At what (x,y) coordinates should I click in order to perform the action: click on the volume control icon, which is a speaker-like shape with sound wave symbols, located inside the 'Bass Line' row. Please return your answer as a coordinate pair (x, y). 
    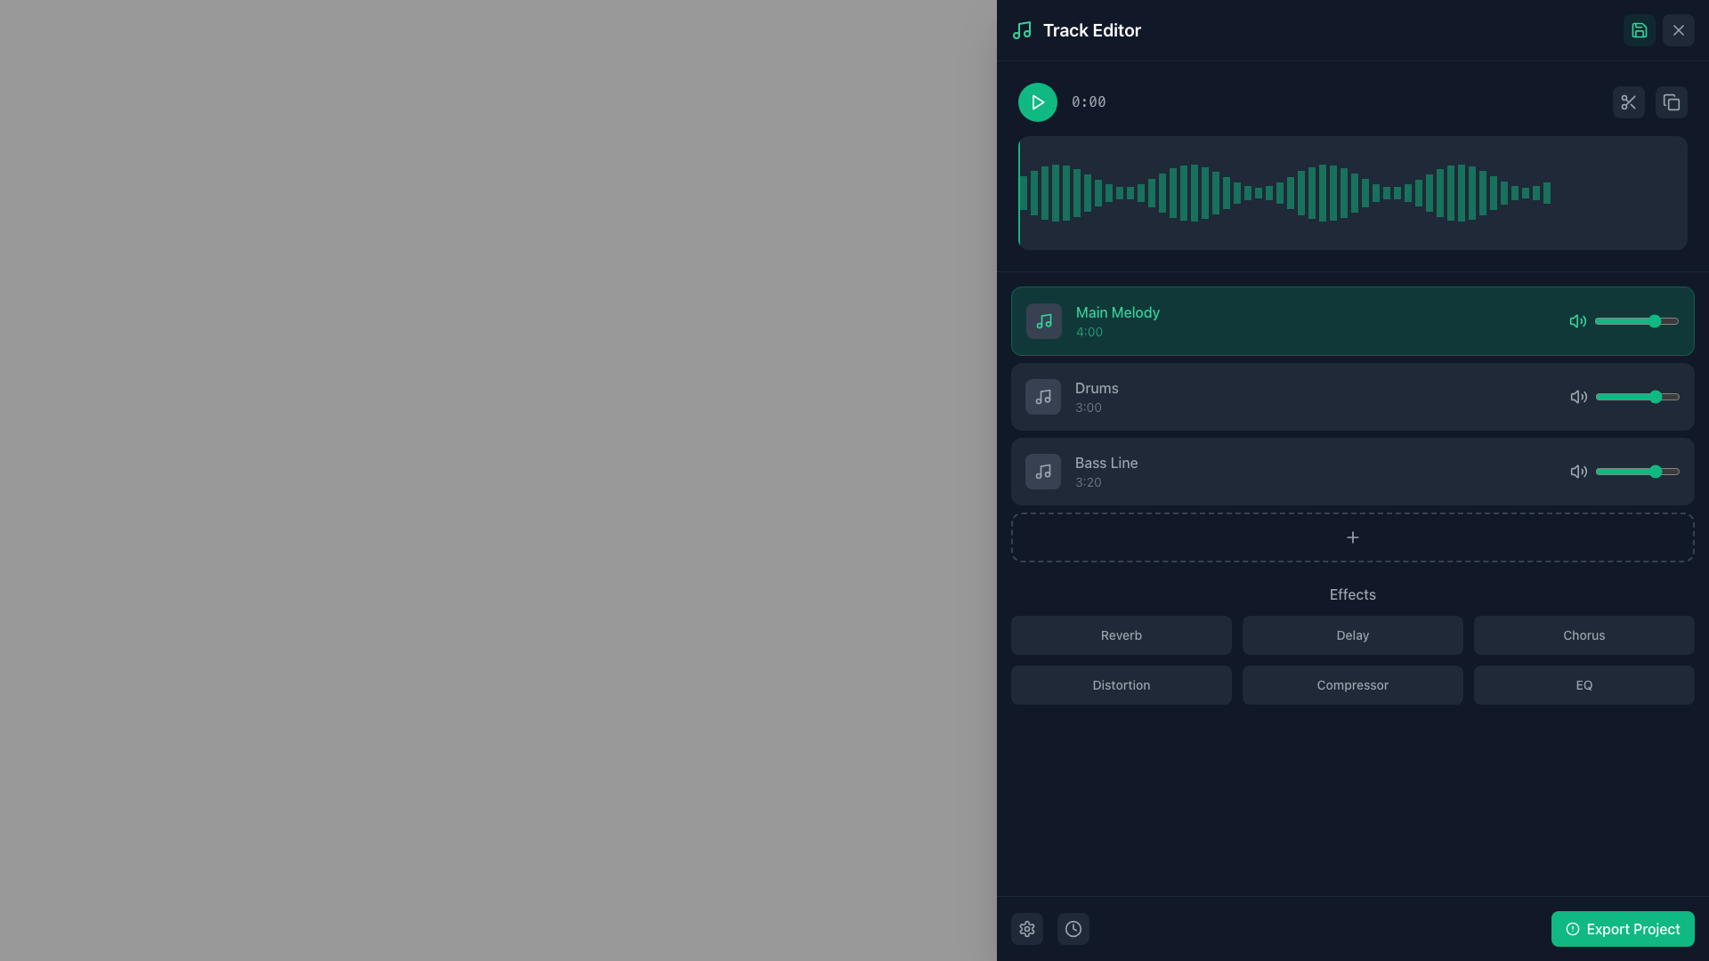
    Looking at the image, I should click on (1575, 470).